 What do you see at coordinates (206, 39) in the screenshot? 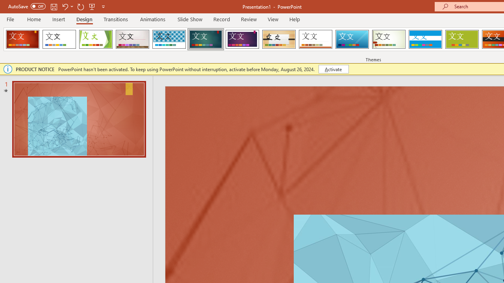
I see `'Ion'` at bounding box center [206, 39].